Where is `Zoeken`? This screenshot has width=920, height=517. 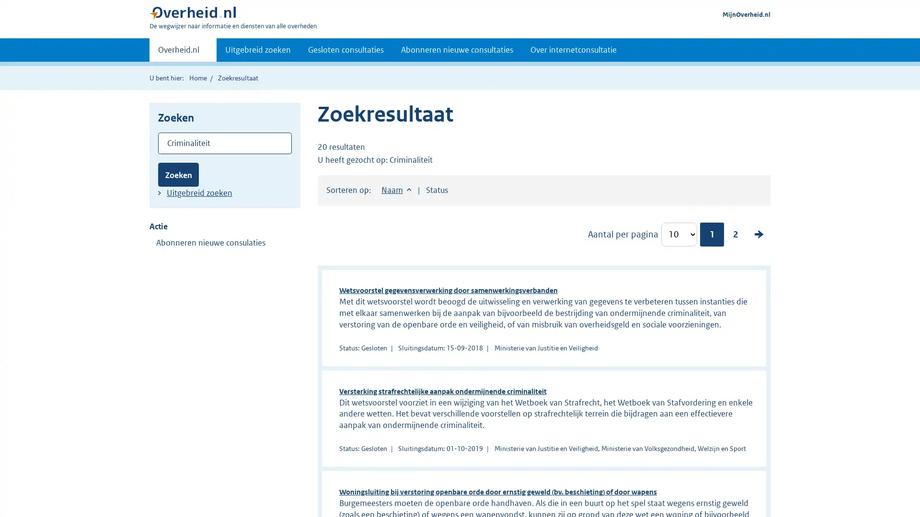 Zoeken is located at coordinates (178, 174).